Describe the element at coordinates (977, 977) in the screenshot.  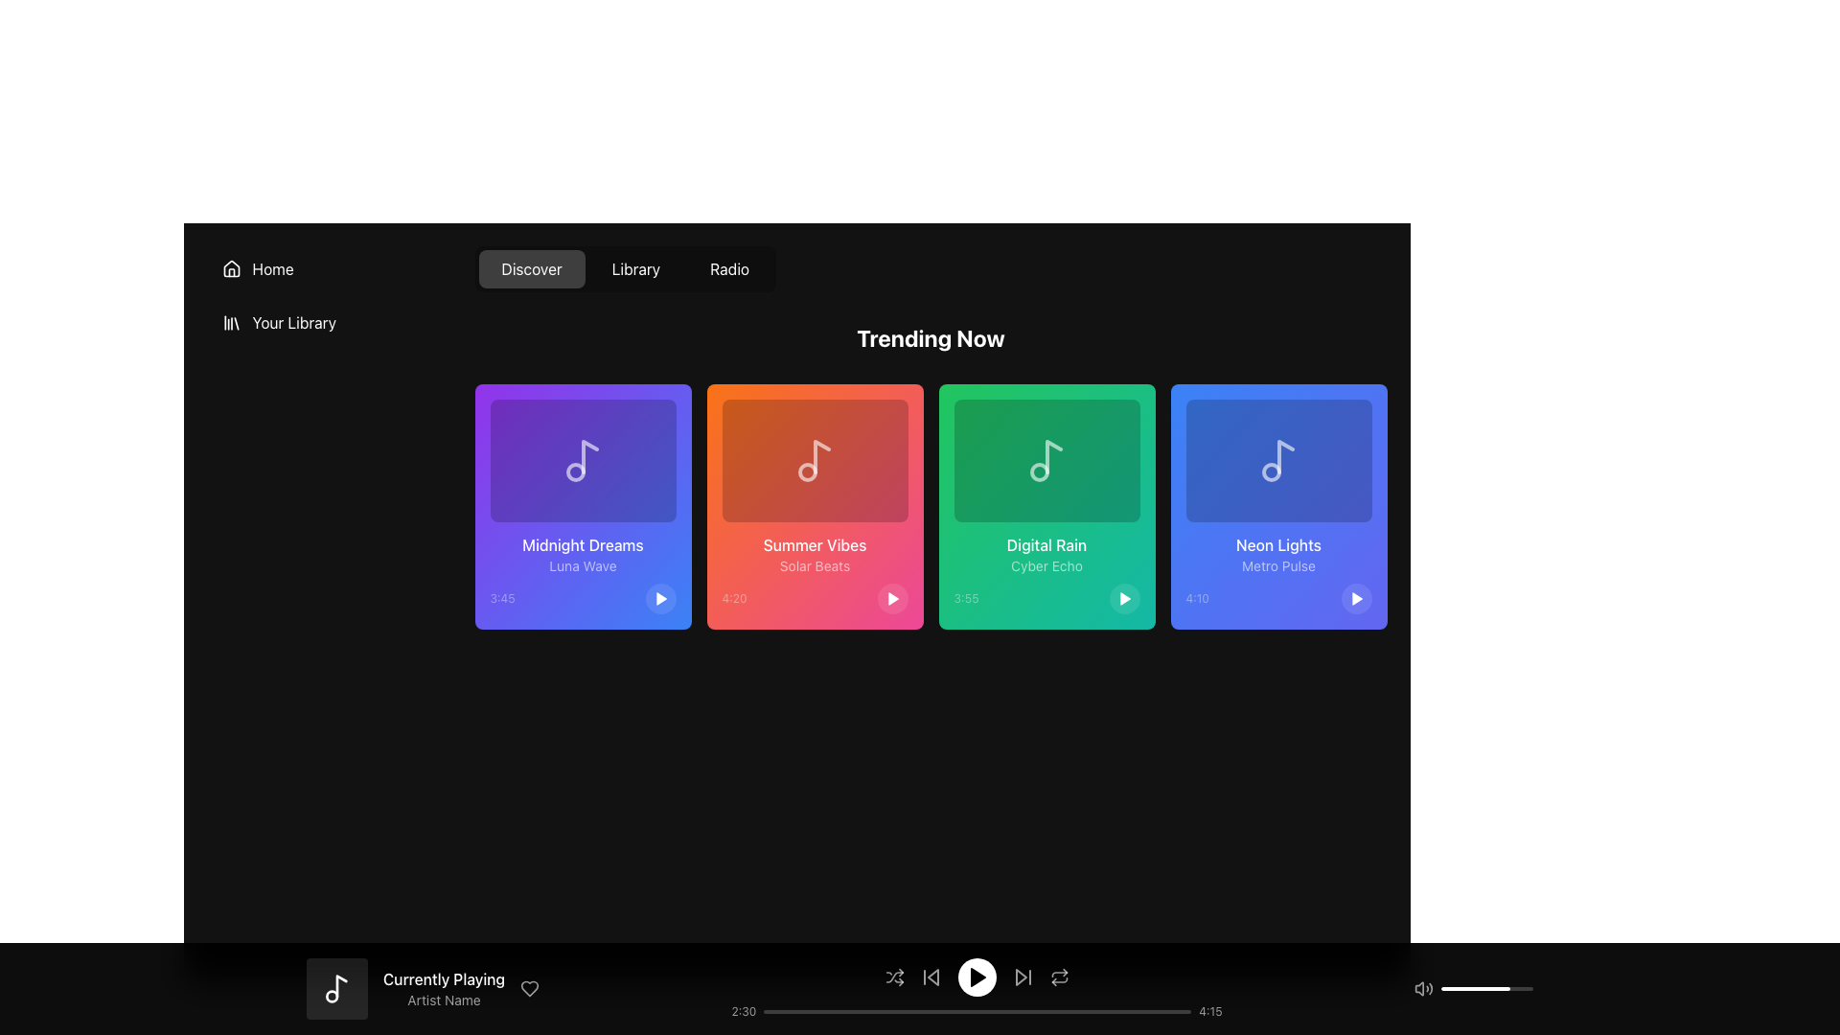
I see `the play button icon (Play Triangle)` at that location.